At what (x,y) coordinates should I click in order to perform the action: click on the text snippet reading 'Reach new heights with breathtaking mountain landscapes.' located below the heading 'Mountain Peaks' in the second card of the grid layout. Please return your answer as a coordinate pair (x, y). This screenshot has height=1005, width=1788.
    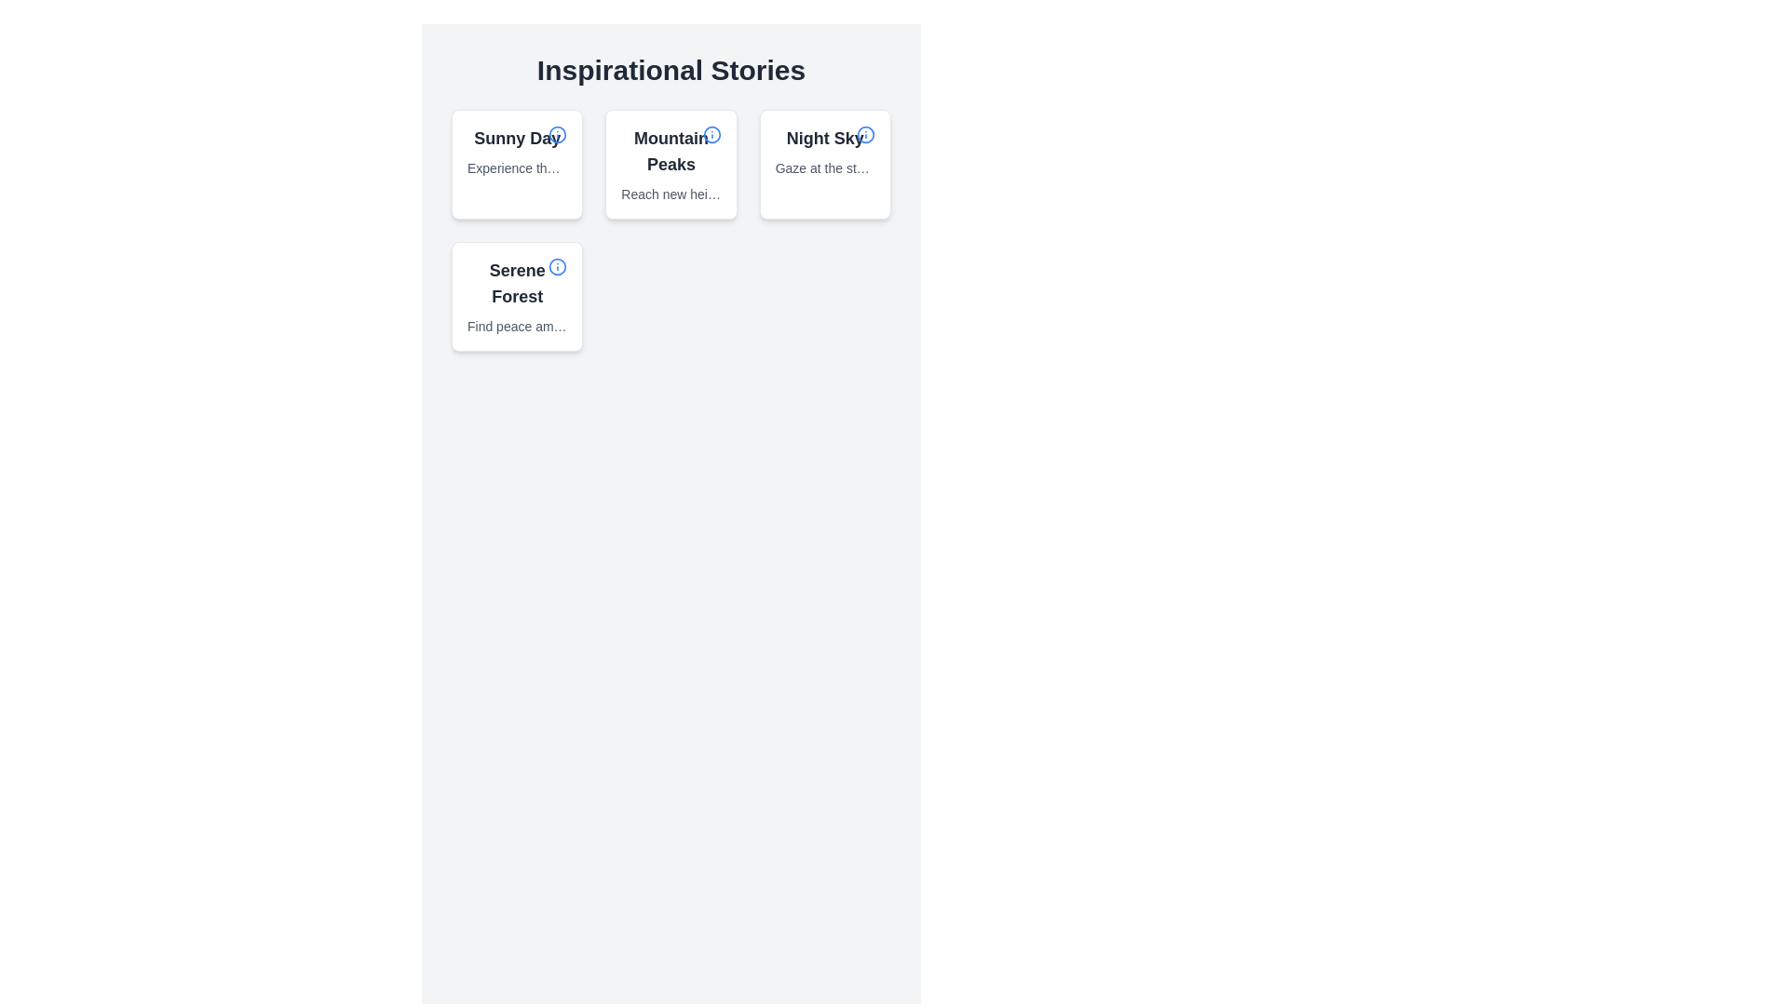
    Looking at the image, I should click on (670, 194).